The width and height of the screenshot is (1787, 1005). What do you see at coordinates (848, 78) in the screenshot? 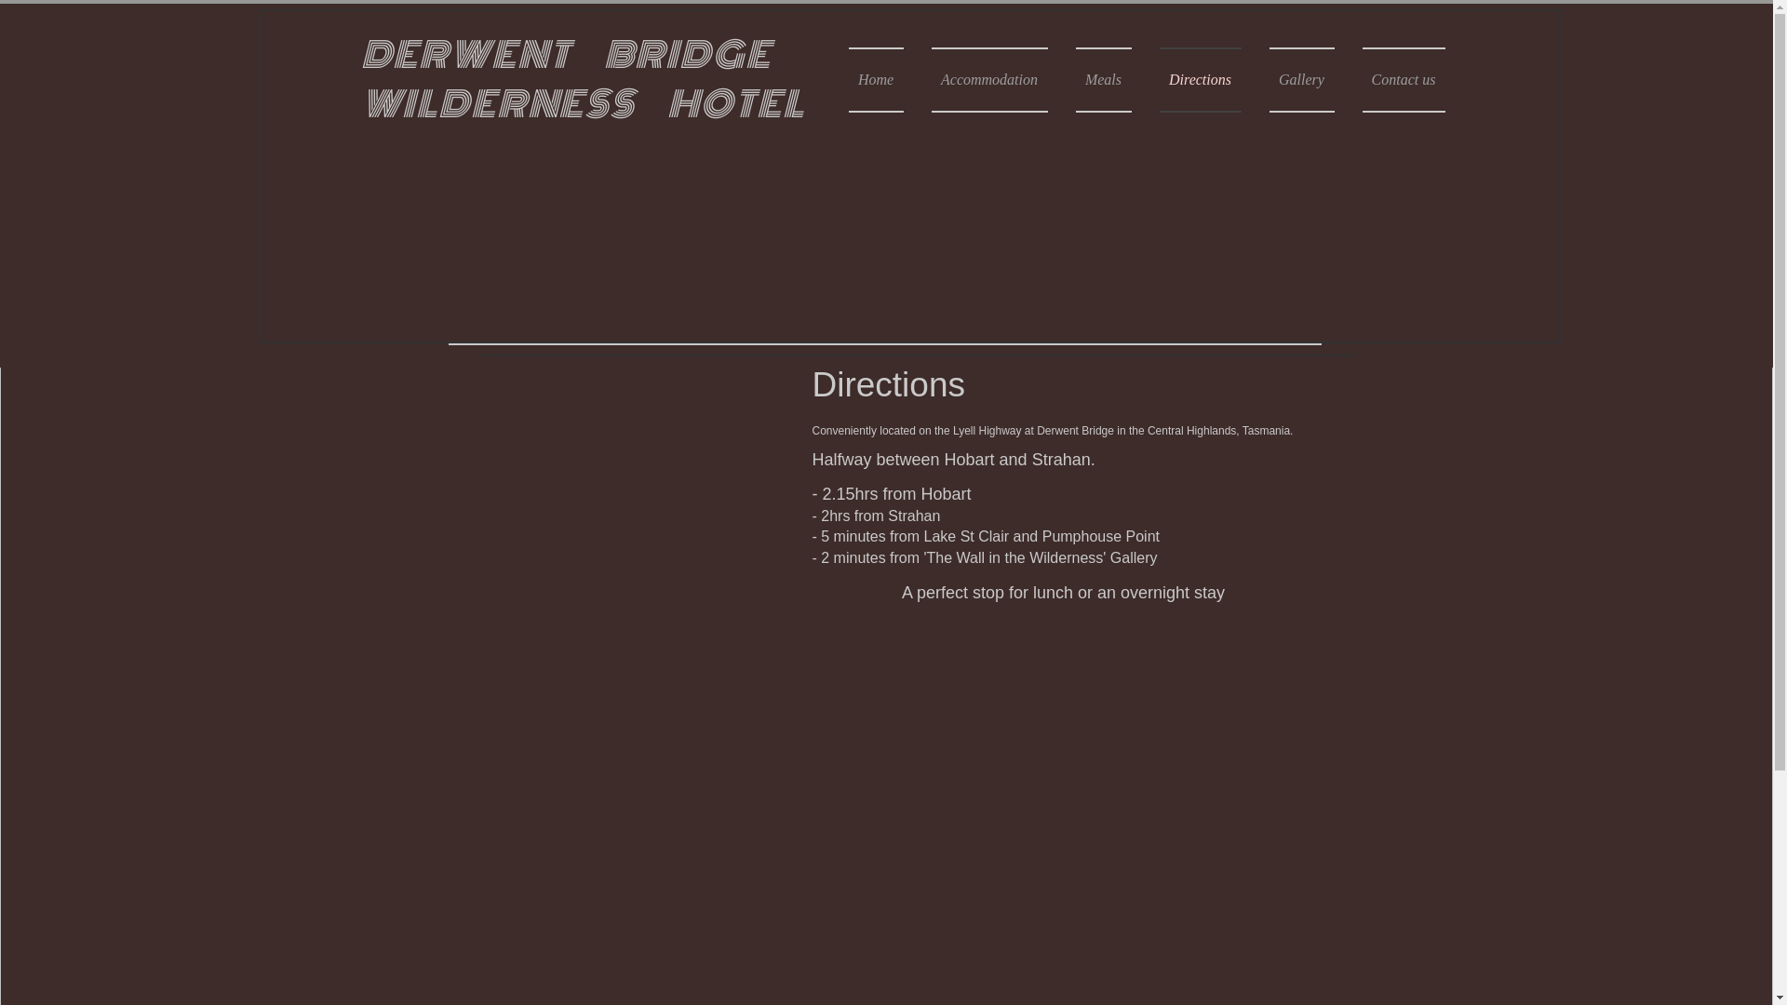
I see `'Home'` at bounding box center [848, 78].